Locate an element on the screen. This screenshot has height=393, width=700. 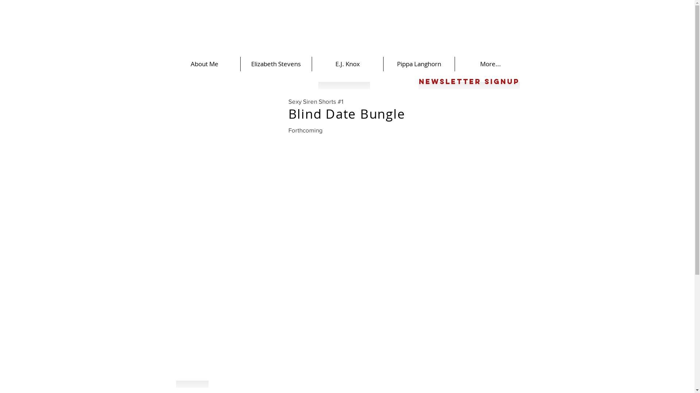
'Newsletter Signup' is located at coordinates (418, 82).